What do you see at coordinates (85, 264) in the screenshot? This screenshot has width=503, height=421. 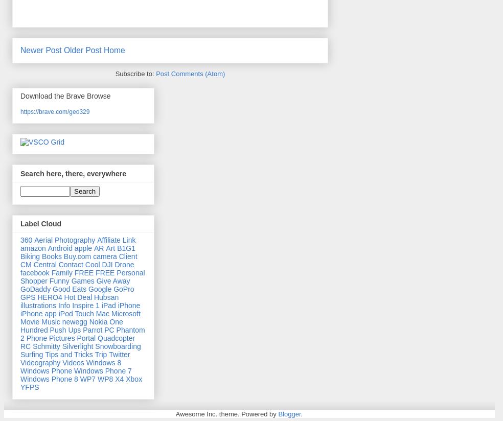 I see `'Cool'` at bounding box center [85, 264].